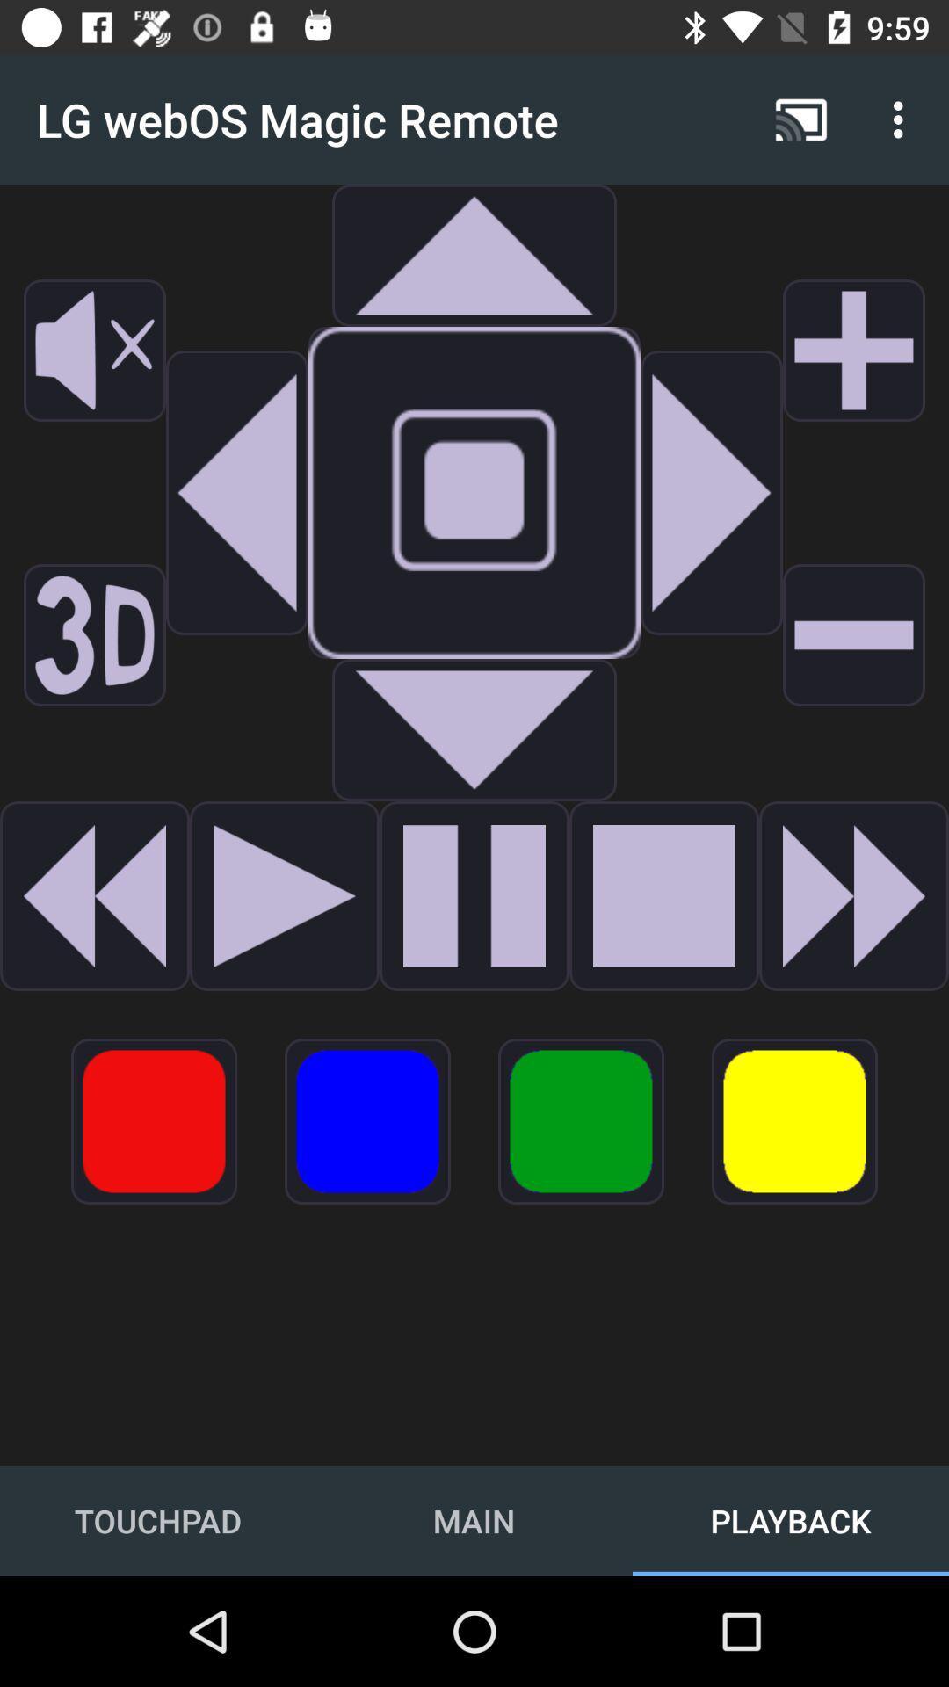 Image resolution: width=949 pixels, height=1687 pixels. I want to click on icon below the lg webos magic item, so click(95, 350).